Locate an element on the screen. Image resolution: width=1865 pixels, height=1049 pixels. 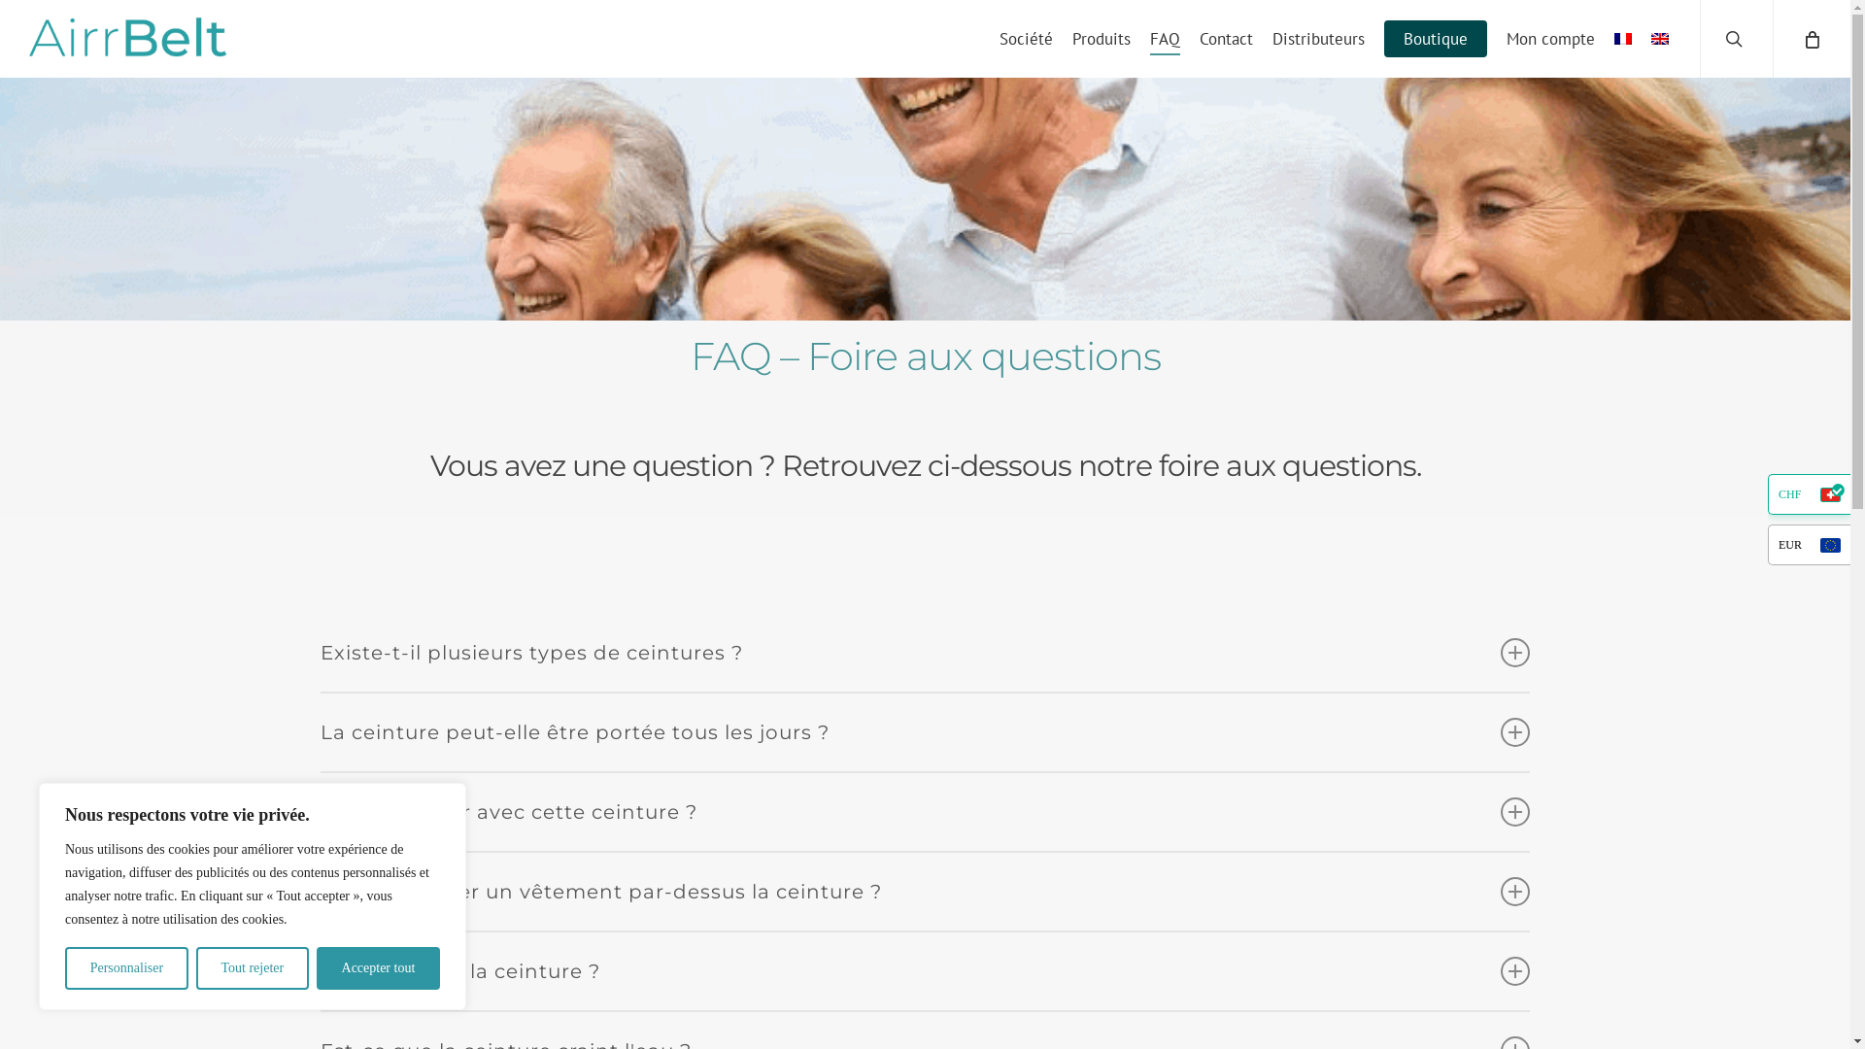
'Mon compte' is located at coordinates (1549, 38).